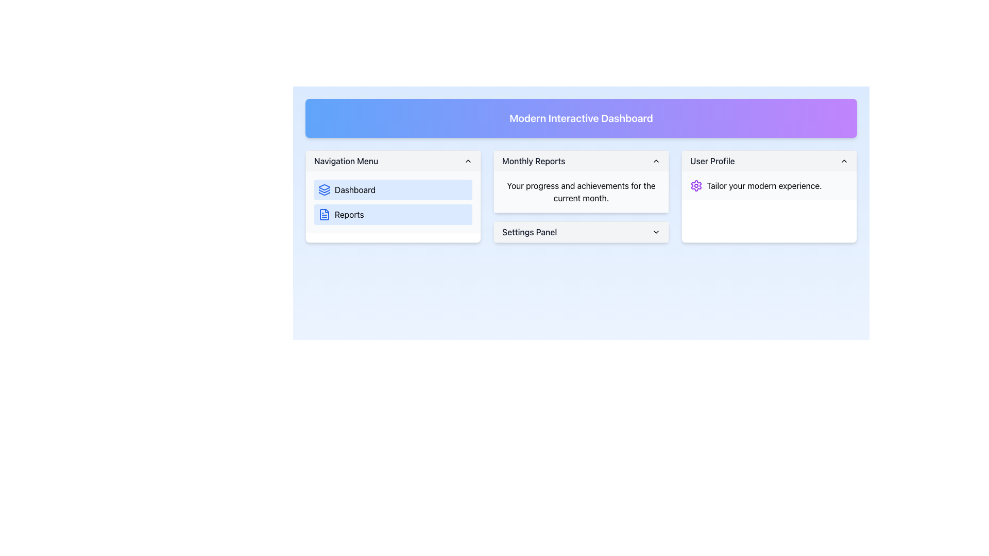 This screenshot has width=989, height=556. What do you see at coordinates (696, 186) in the screenshot?
I see `the cogwheel icon in dark purple, located to the left of the text 'Tailor your modern experience' in the 'User Profile' section at the top-right corner of the interface` at bounding box center [696, 186].